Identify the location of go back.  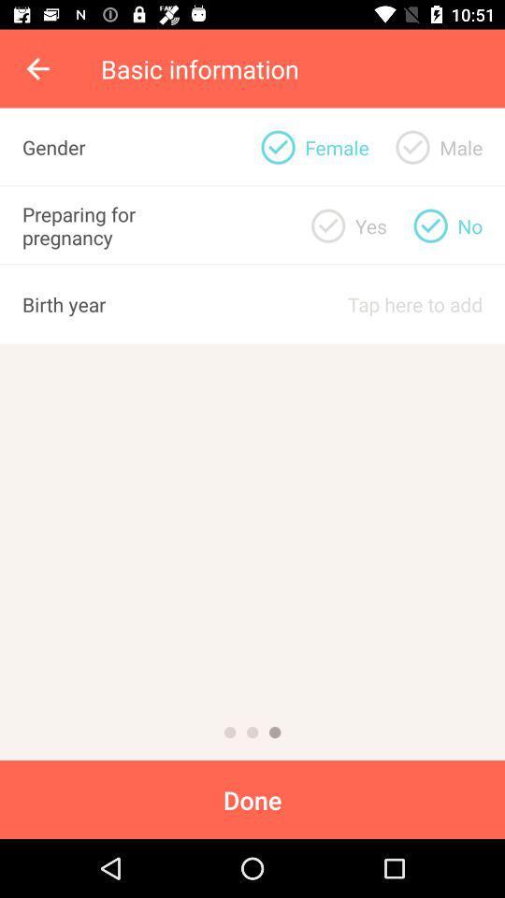
(252, 732).